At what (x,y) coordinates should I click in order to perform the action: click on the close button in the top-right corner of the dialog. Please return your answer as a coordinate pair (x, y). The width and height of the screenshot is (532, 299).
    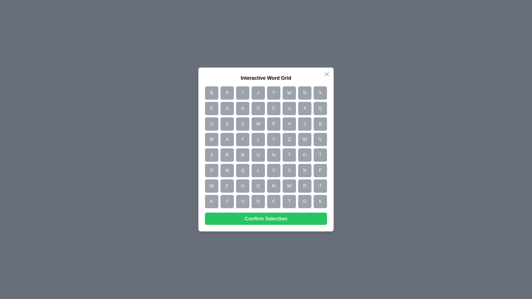
    Looking at the image, I should click on (327, 74).